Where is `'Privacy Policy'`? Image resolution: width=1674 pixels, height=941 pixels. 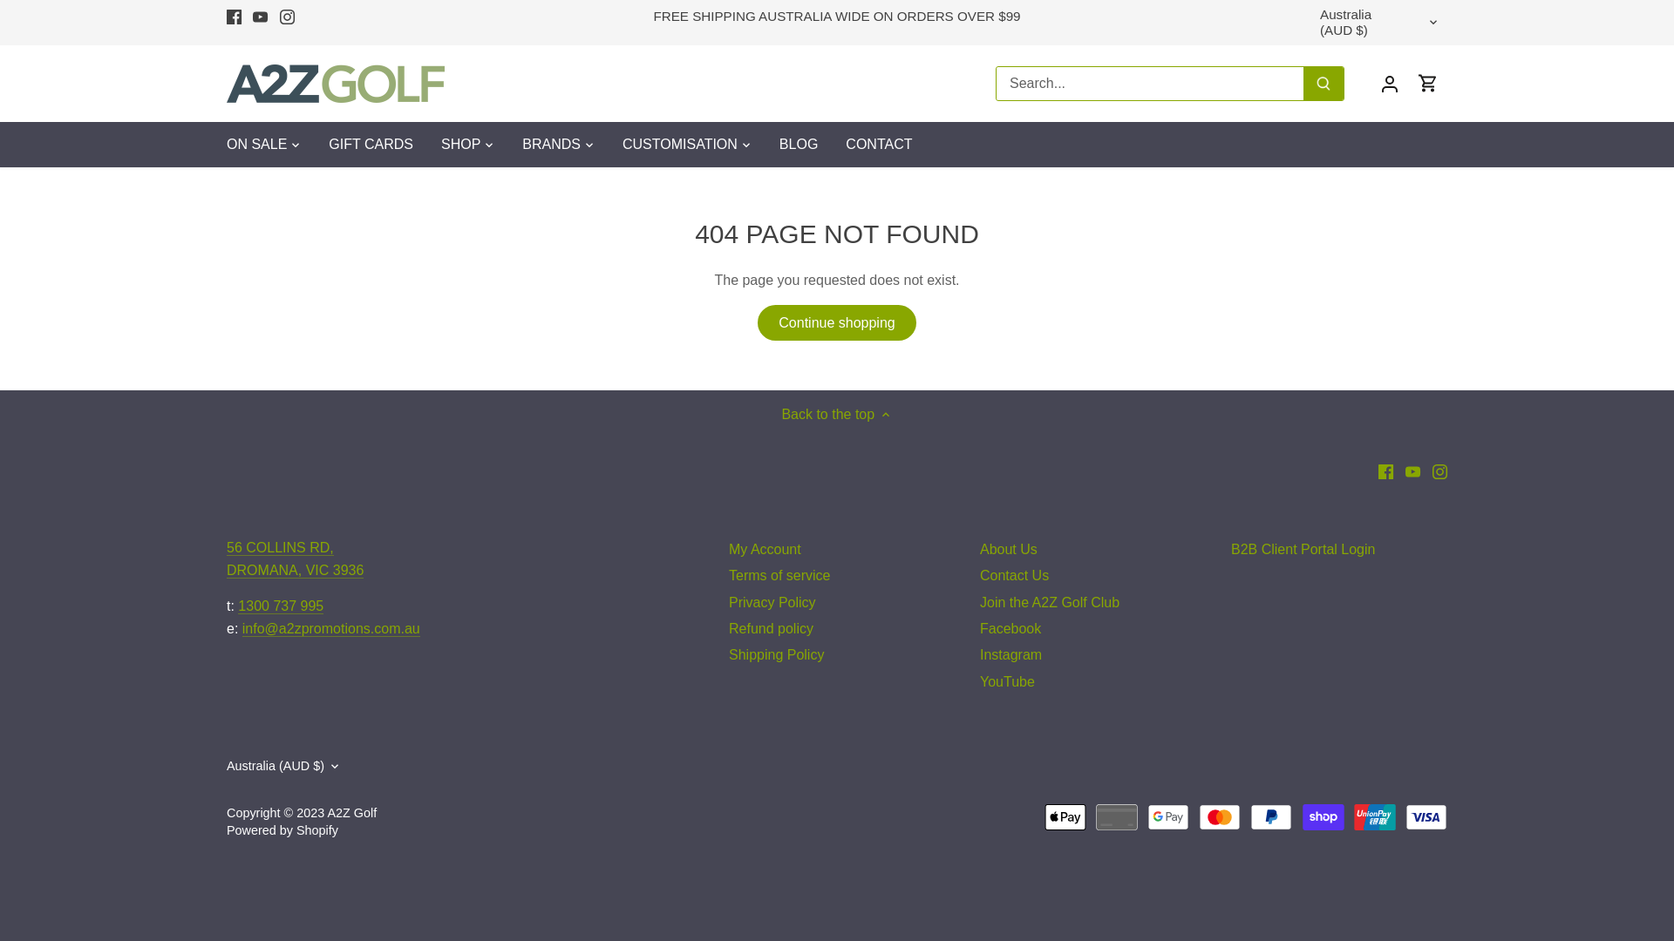 'Privacy Policy' is located at coordinates (772, 601).